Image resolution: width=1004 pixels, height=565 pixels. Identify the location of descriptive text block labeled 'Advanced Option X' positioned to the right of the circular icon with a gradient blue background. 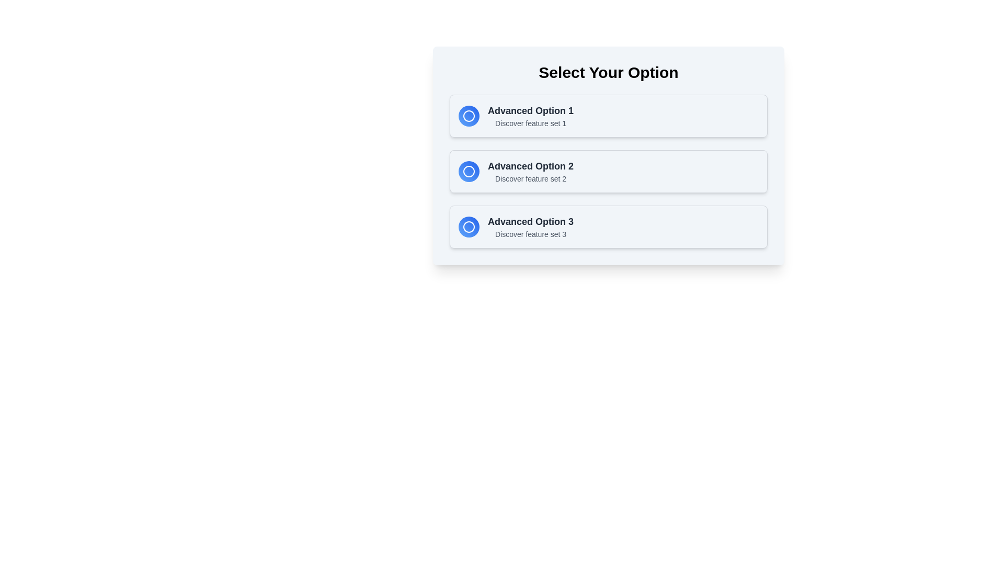
(531, 116).